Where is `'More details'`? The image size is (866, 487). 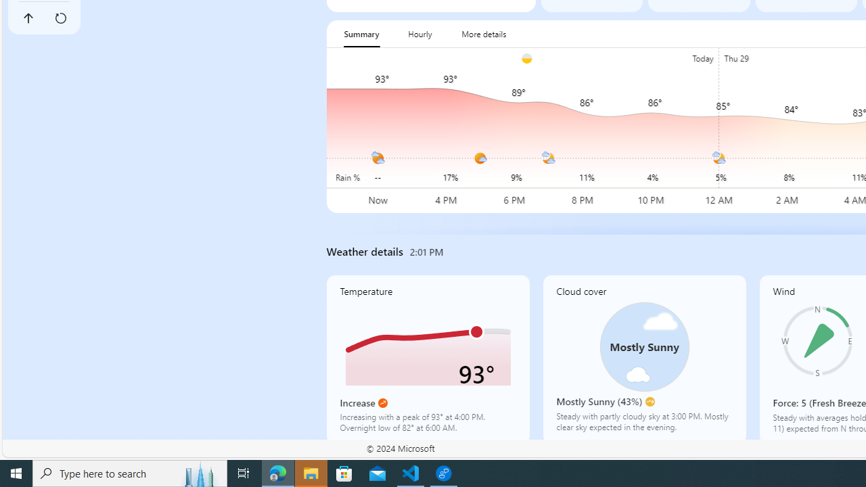
'More details' is located at coordinates (484, 33).